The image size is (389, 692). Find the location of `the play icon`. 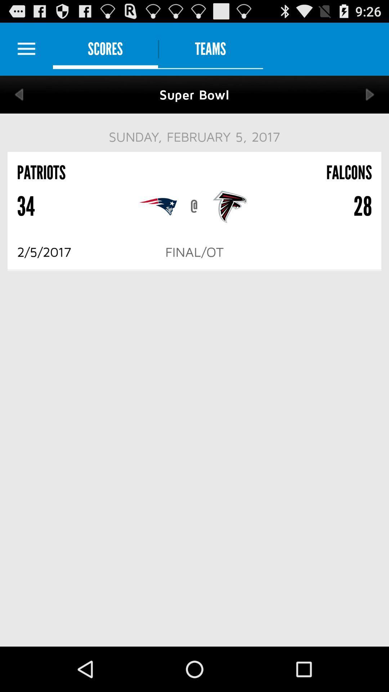

the play icon is located at coordinates (370, 101).